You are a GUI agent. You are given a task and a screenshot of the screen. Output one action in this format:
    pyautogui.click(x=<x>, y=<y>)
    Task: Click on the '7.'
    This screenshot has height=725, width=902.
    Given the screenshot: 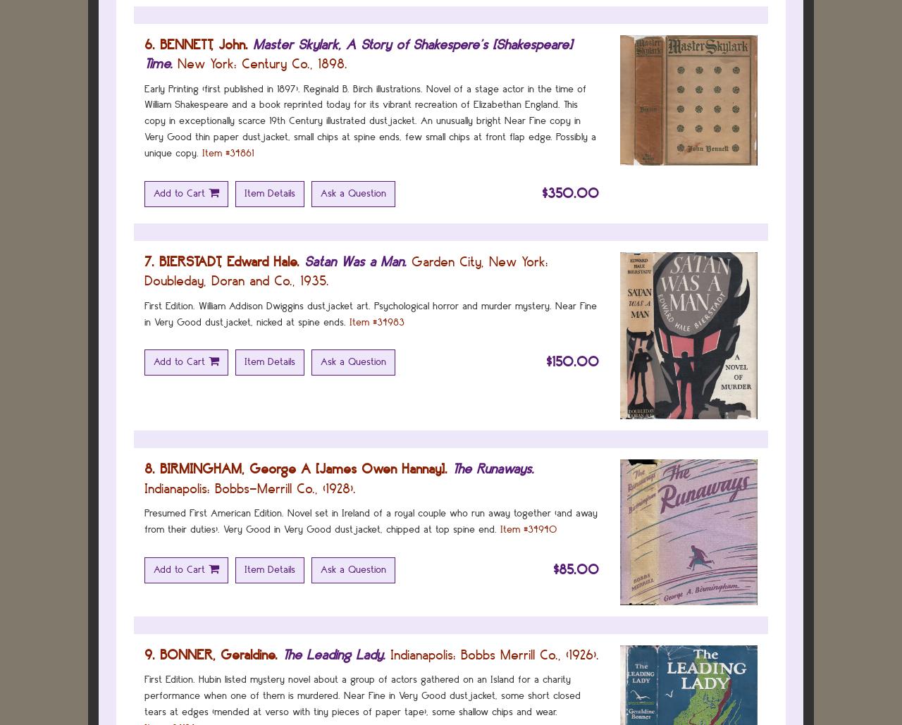 What is the action you would take?
    pyautogui.click(x=144, y=260)
    